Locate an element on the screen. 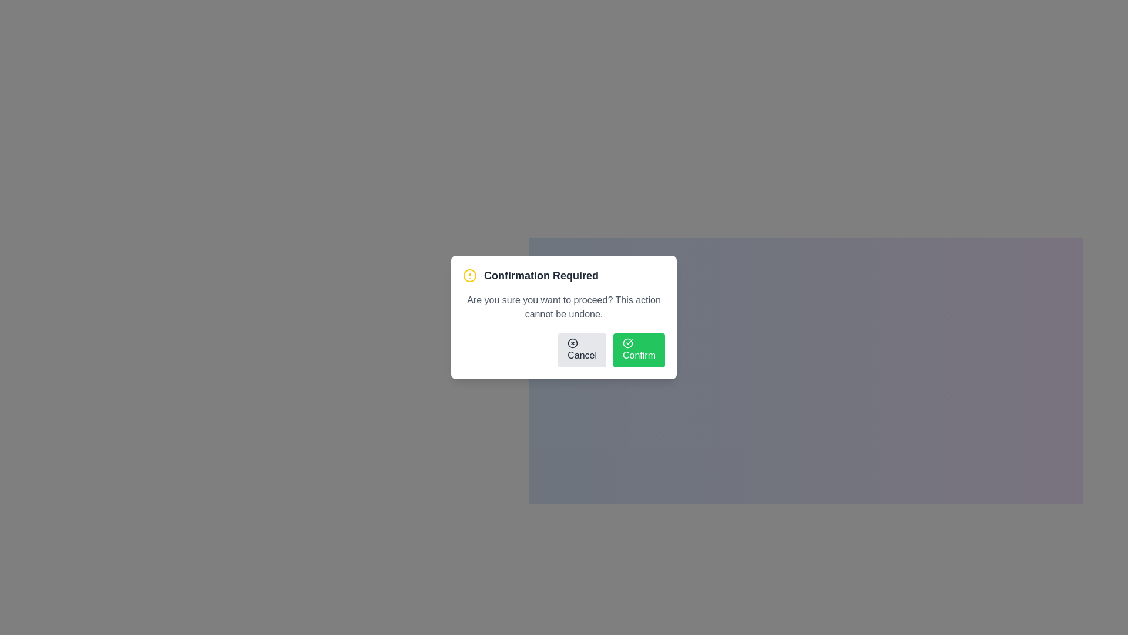  the icon representing a circle with a checkmark inside, located to the left of the 'Confirm' text in the confirmation modal is located at coordinates (627, 343).